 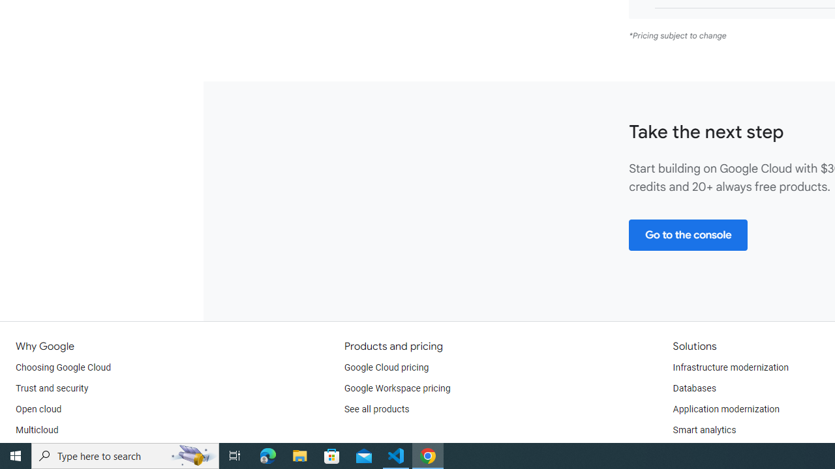 I want to click on 'Choosing Google Cloud', so click(x=63, y=367).